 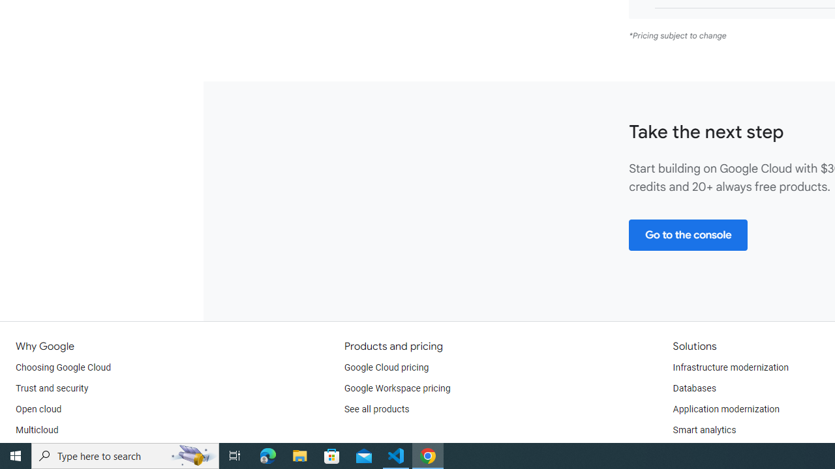 I want to click on 'Choosing Google Cloud', so click(x=63, y=367).